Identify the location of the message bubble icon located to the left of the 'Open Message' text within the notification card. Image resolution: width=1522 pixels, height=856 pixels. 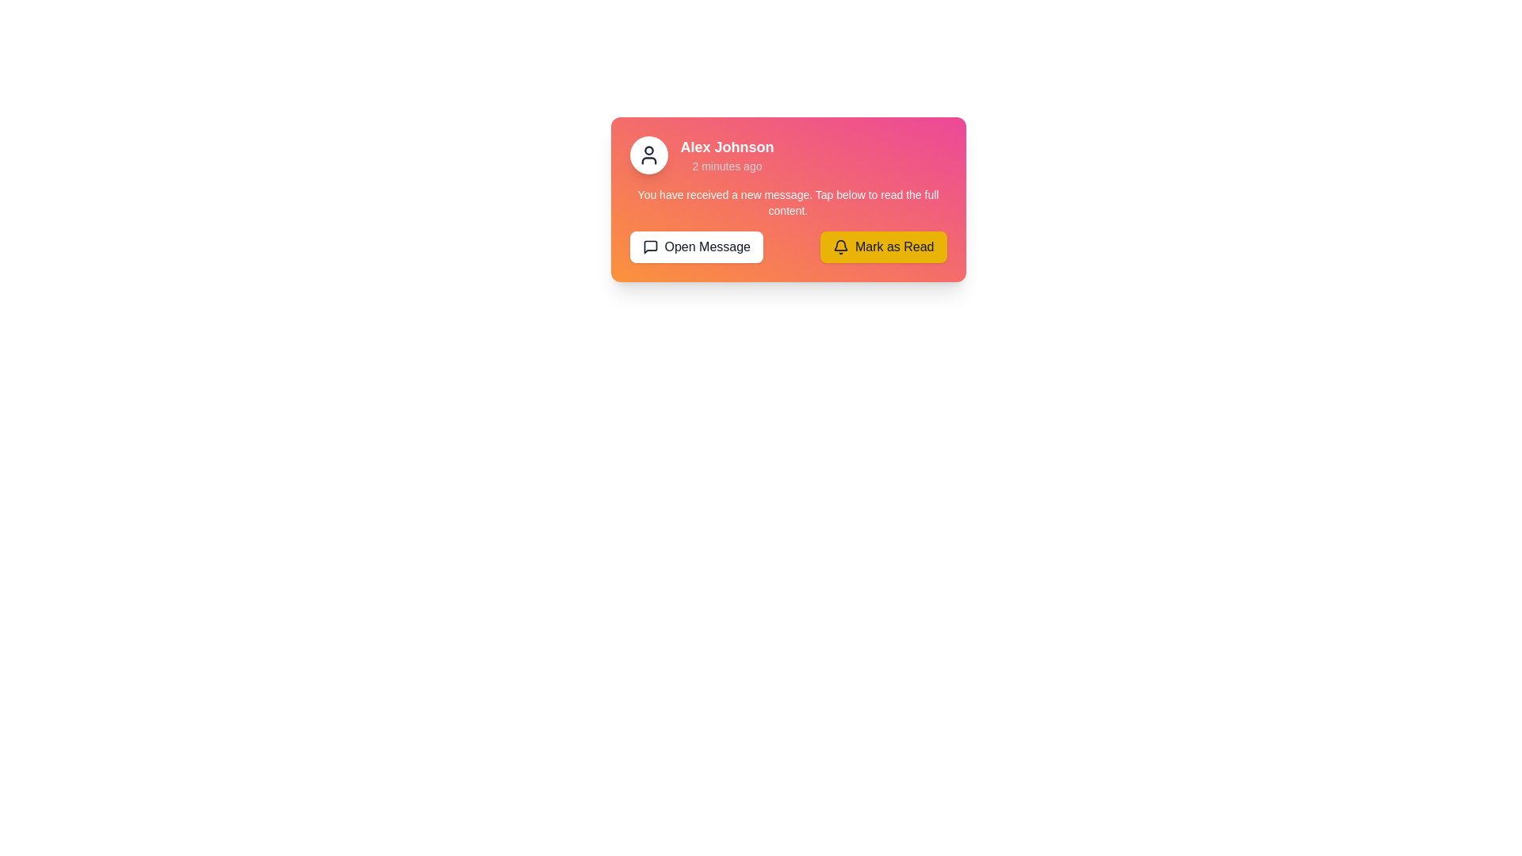
(650, 247).